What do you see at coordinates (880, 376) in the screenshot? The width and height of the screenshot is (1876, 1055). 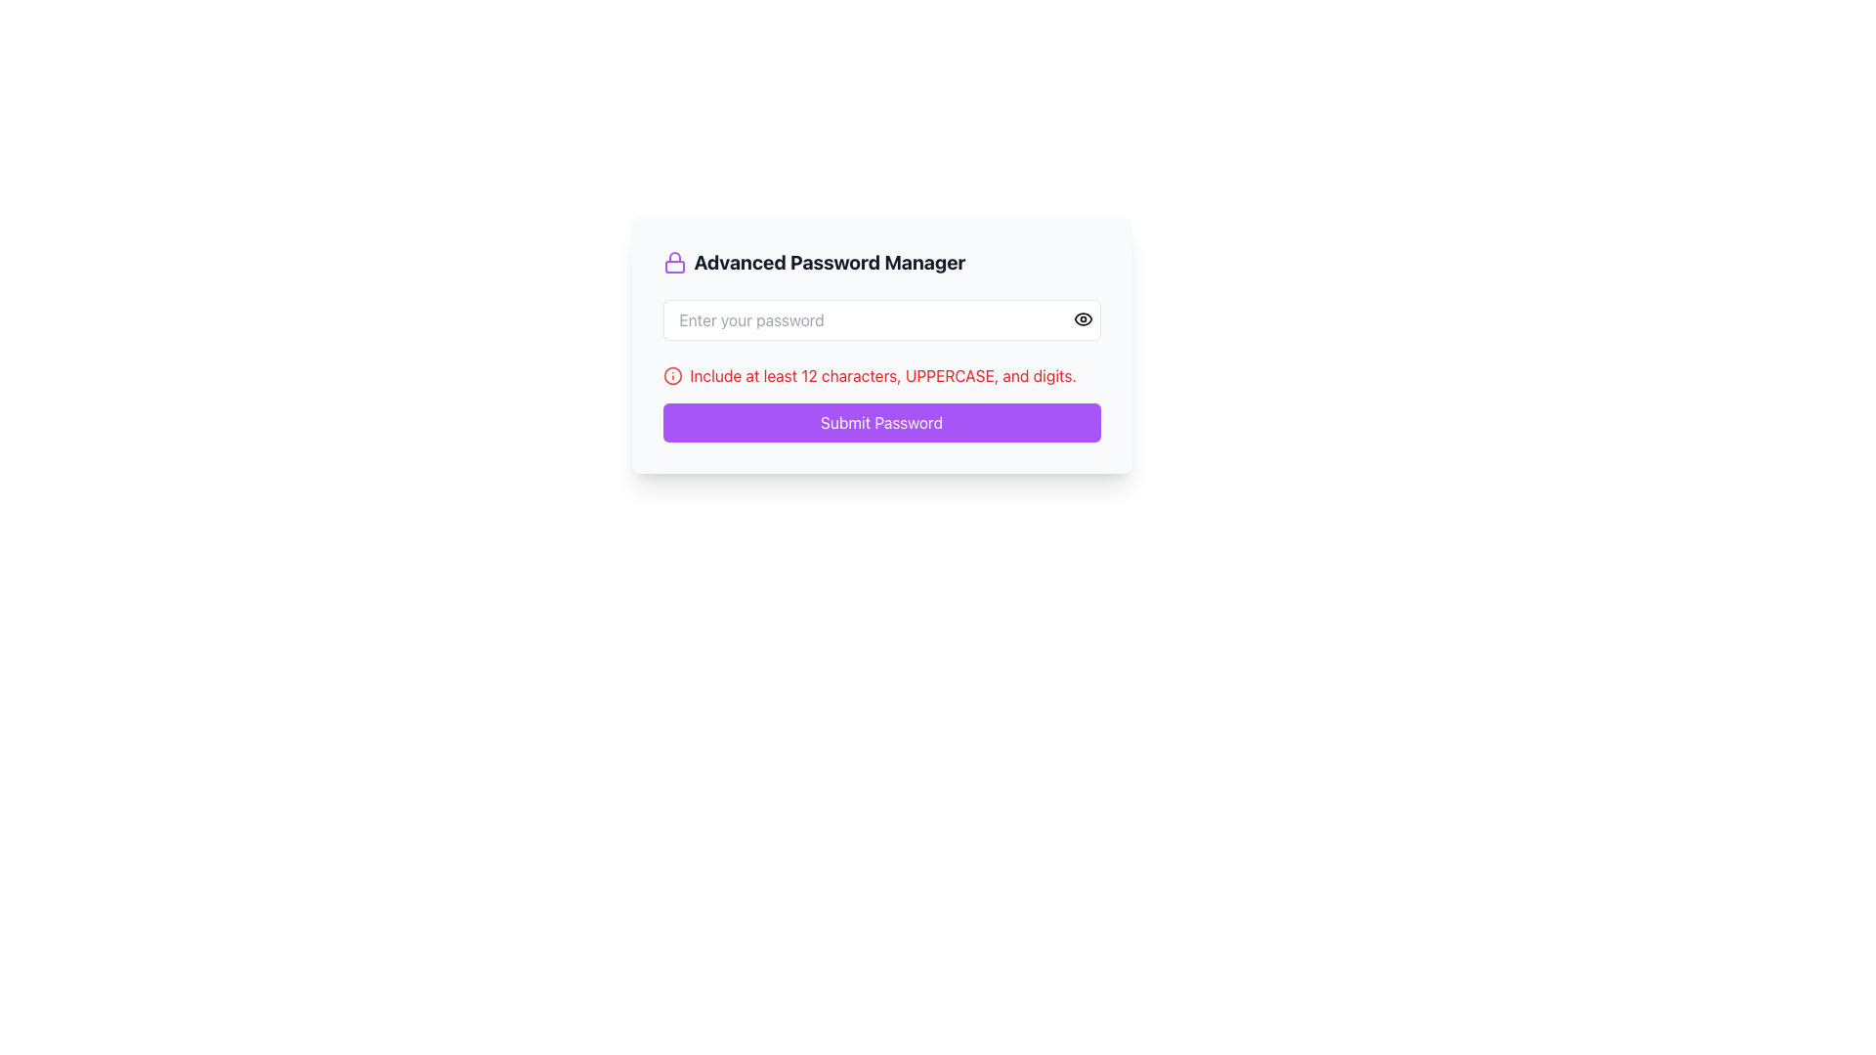 I see `informational text with an icon located below the password input field and above the violet 'Submit Password' button in the 'Advanced Password Manager' card` at bounding box center [880, 376].